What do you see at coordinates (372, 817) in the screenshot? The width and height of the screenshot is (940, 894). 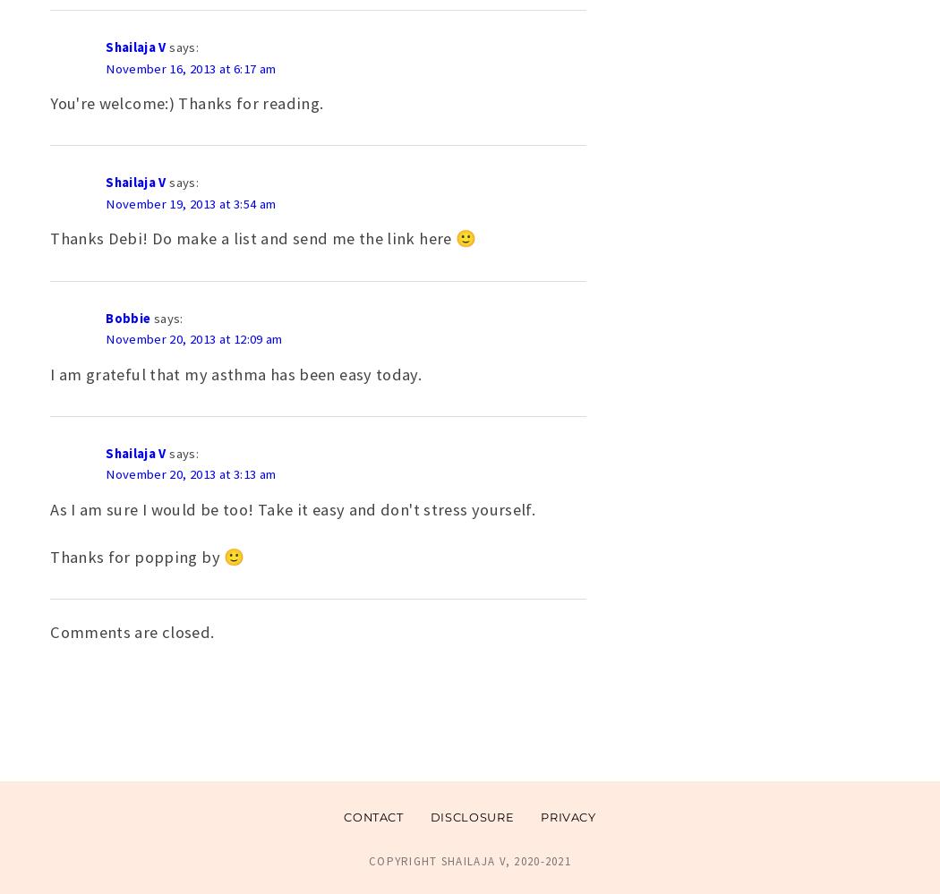 I see `'Contact'` at bounding box center [372, 817].